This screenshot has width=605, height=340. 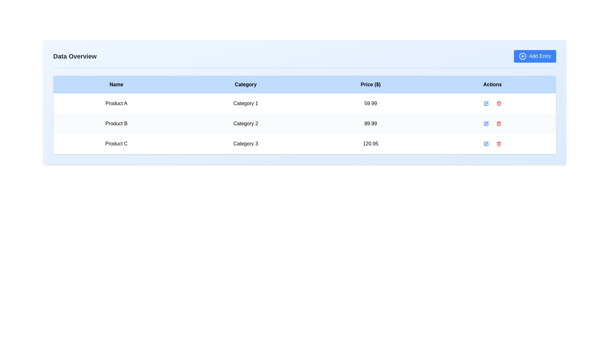 I want to click on the editing function icon located in the 'Actions' column of the first row of the table, so click(x=486, y=103).